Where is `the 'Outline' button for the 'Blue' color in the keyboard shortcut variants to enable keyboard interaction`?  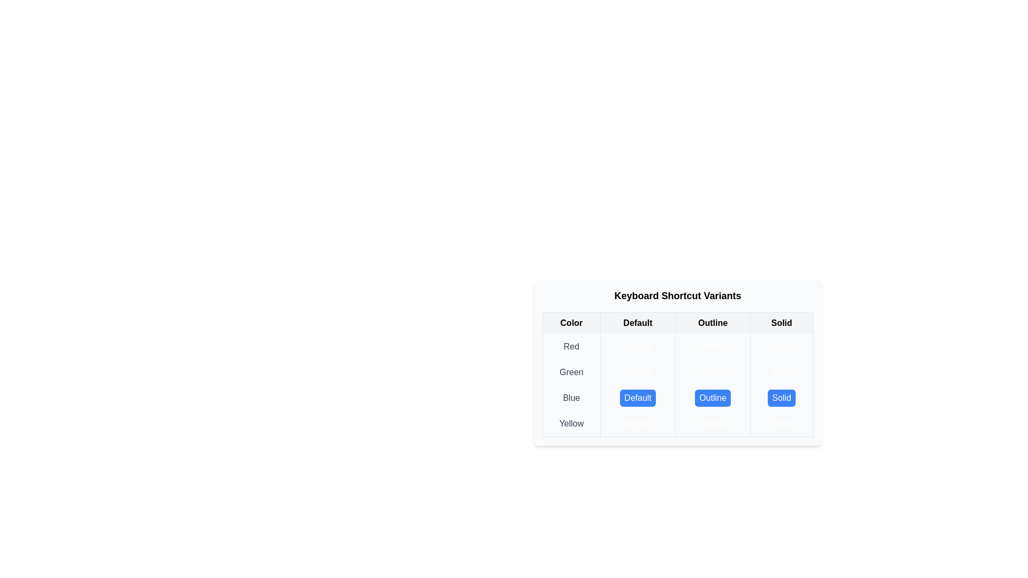
the 'Outline' button for the 'Blue' color in the keyboard shortcut variants to enable keyboard interaction is located at coordinates (713, 398).